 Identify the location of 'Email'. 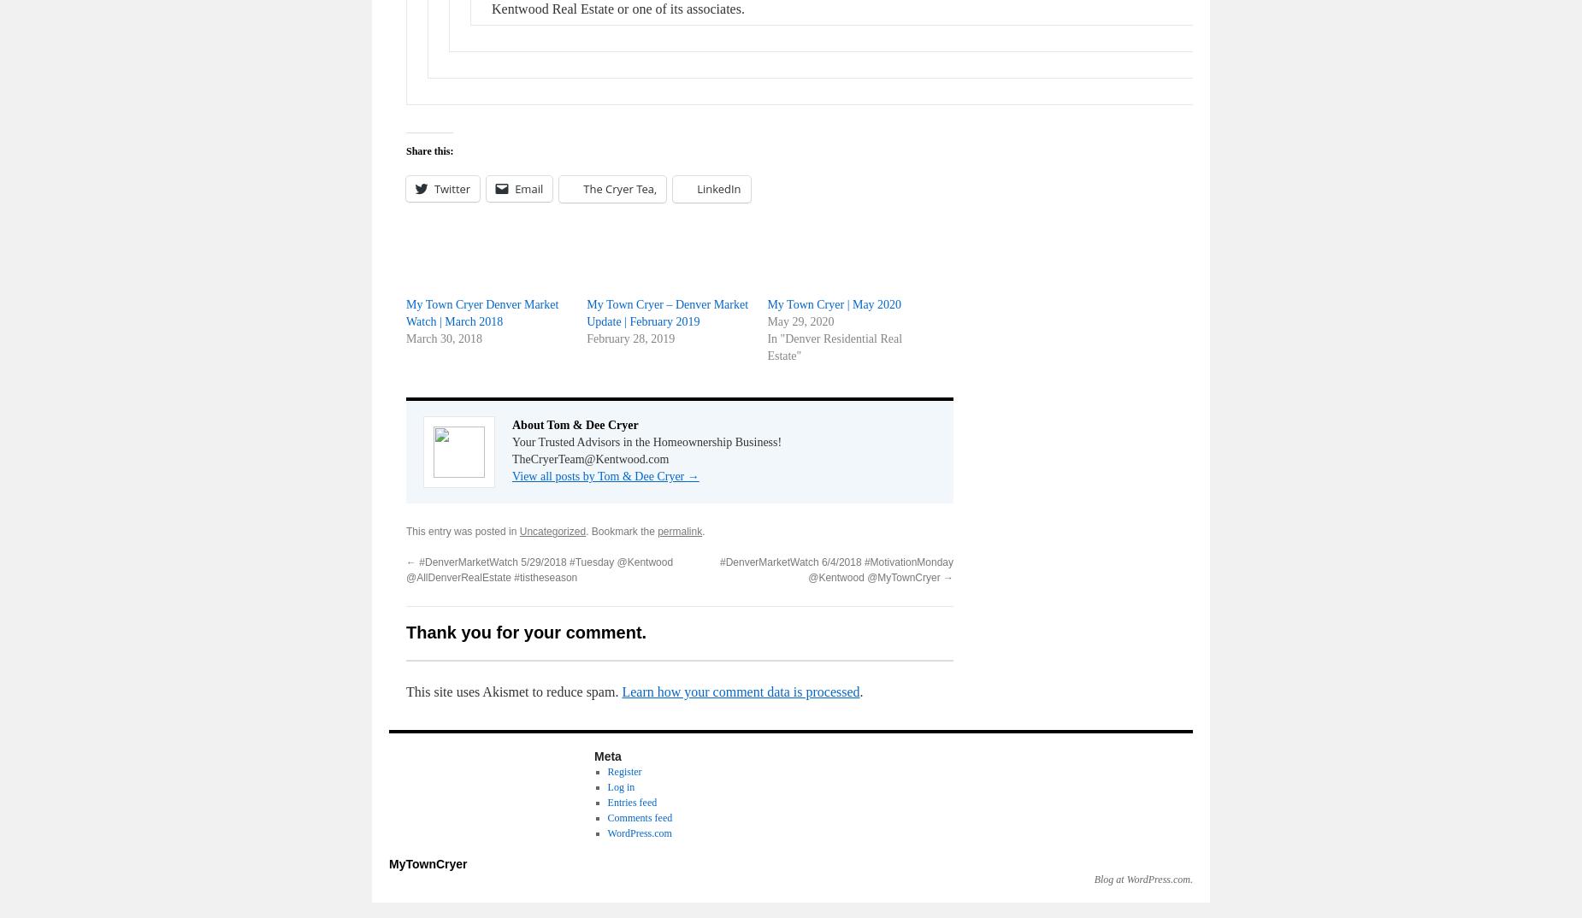
(514, 188).